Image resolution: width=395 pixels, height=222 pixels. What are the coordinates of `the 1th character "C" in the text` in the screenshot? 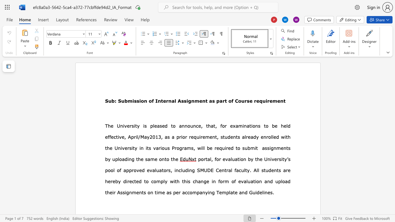 It's located at (236, 101).